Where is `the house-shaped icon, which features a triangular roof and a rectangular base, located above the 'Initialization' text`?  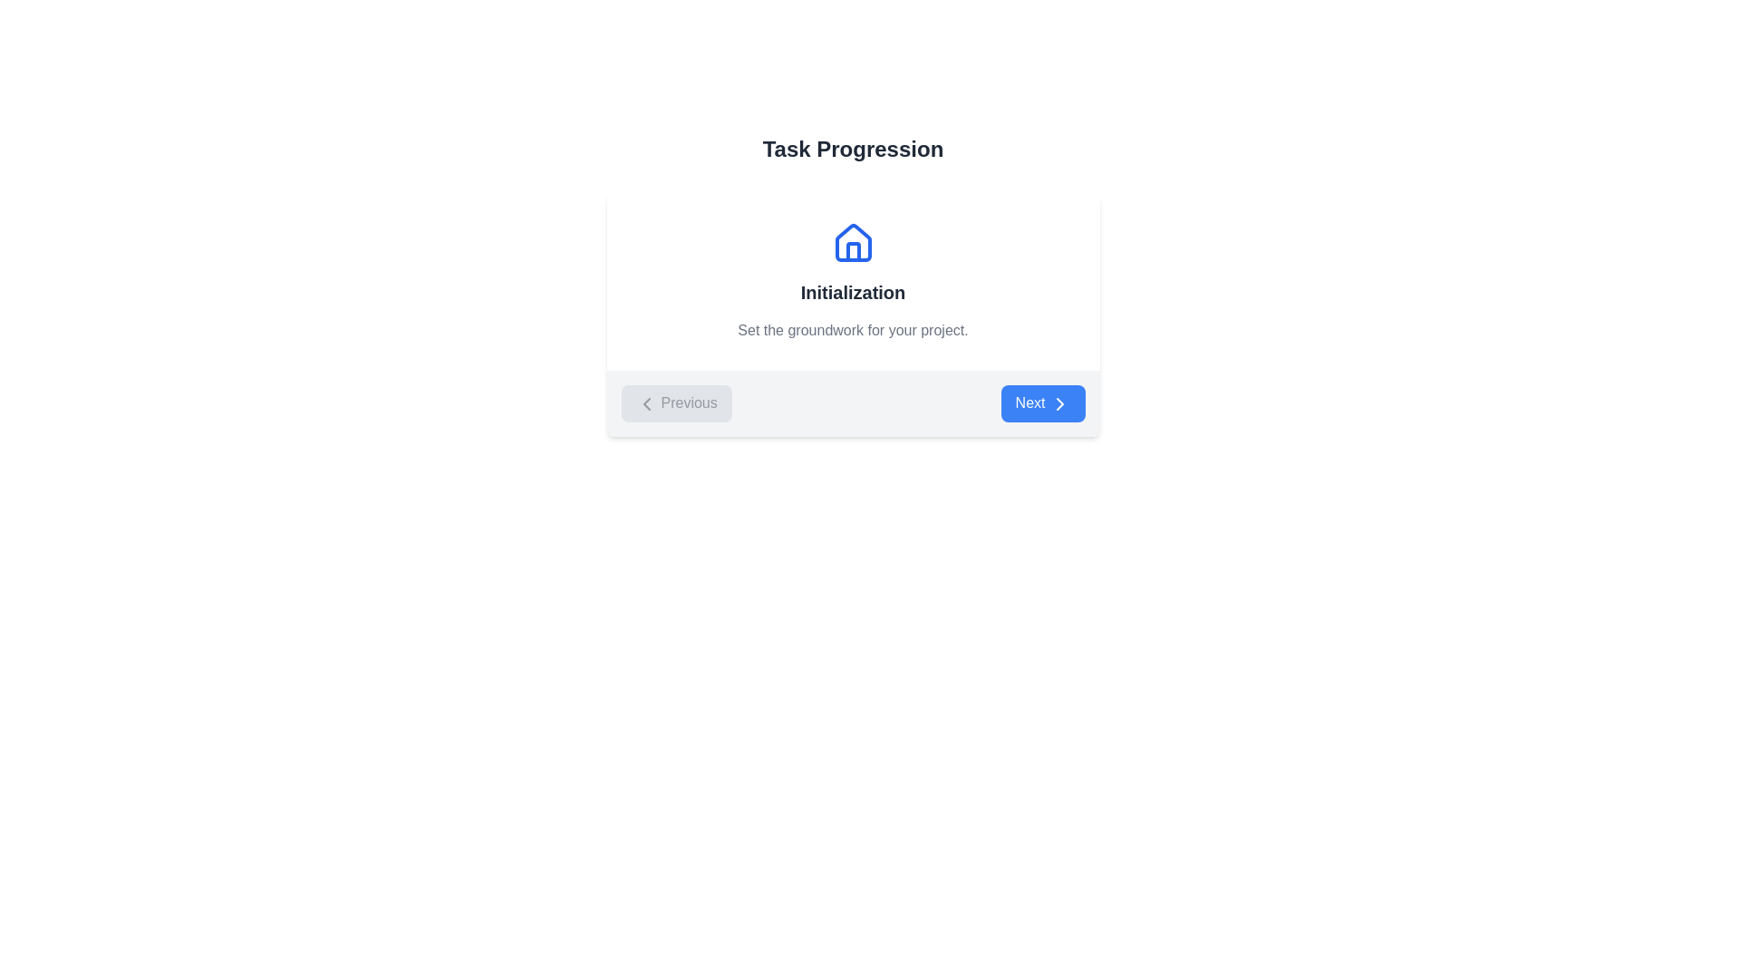 the house-shaped icon, which features a triangular roof and a rectangular base, located above the 'Initialization' text is located at coordinates (852, 241).